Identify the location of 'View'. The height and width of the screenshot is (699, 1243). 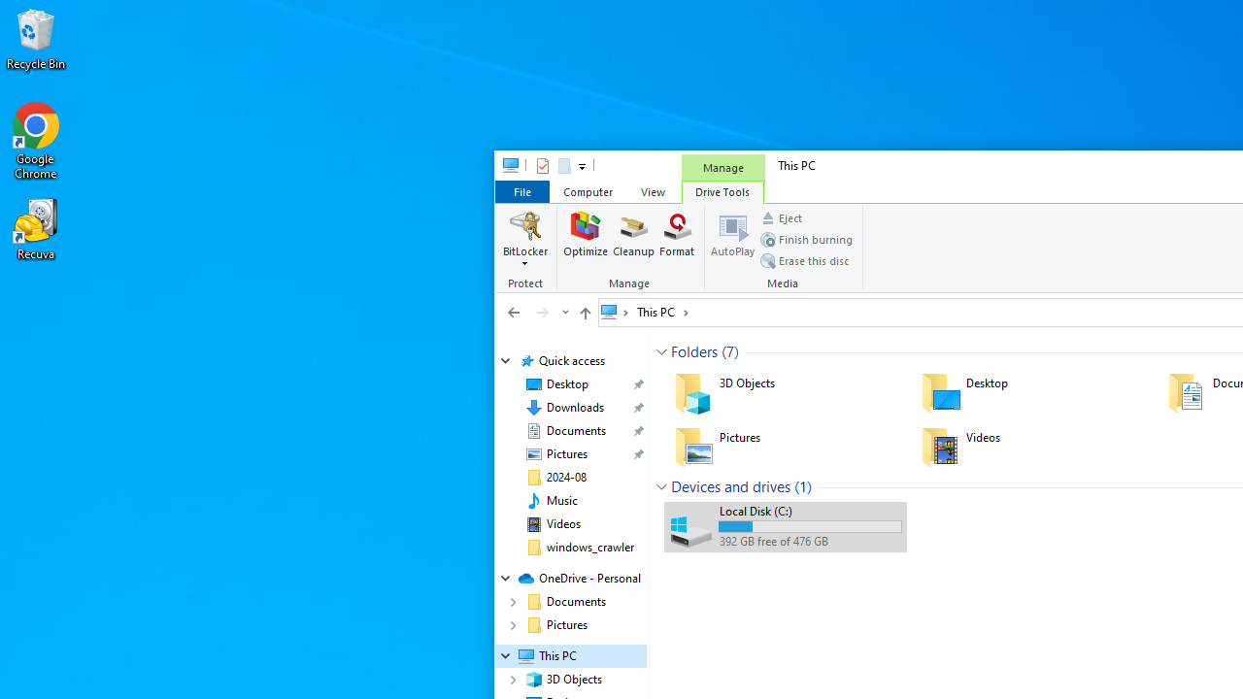
(653, 191).